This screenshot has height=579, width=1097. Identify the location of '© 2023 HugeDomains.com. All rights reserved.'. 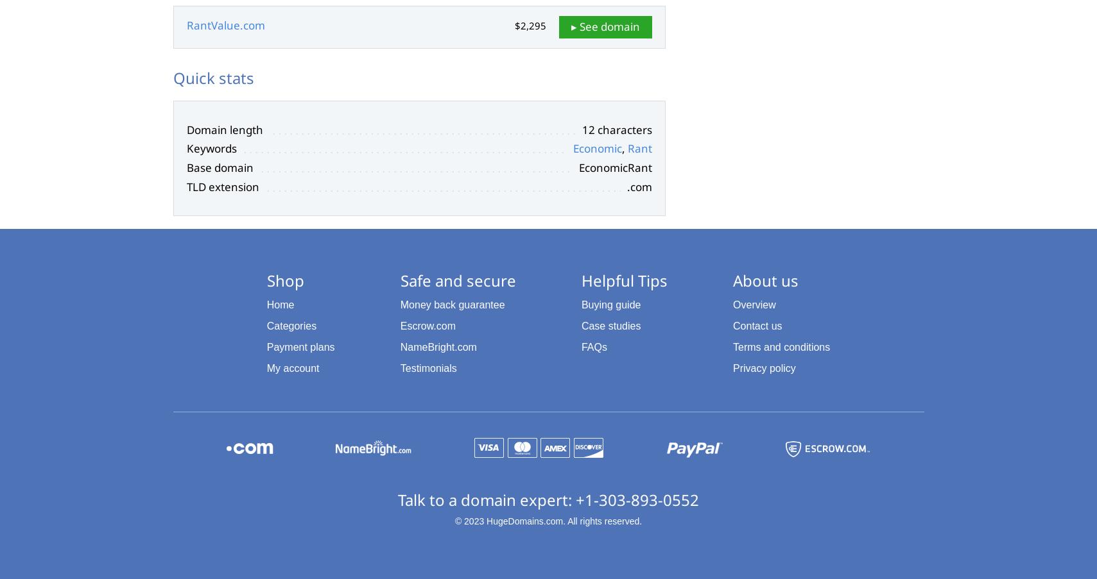
(454, 520).